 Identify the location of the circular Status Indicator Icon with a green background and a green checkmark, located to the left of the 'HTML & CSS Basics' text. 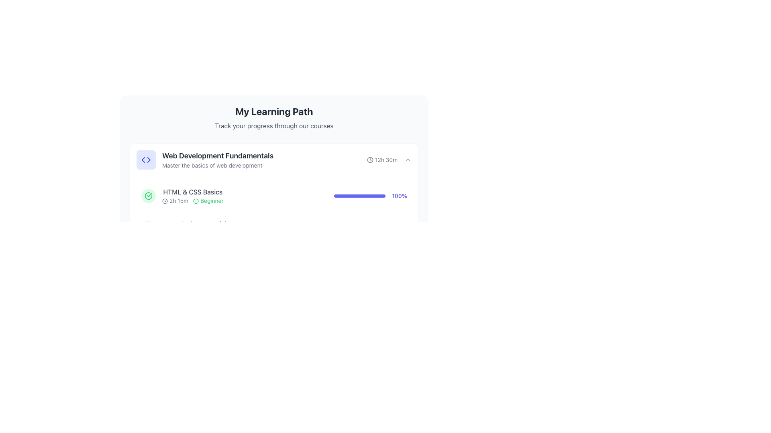
(148, 196).